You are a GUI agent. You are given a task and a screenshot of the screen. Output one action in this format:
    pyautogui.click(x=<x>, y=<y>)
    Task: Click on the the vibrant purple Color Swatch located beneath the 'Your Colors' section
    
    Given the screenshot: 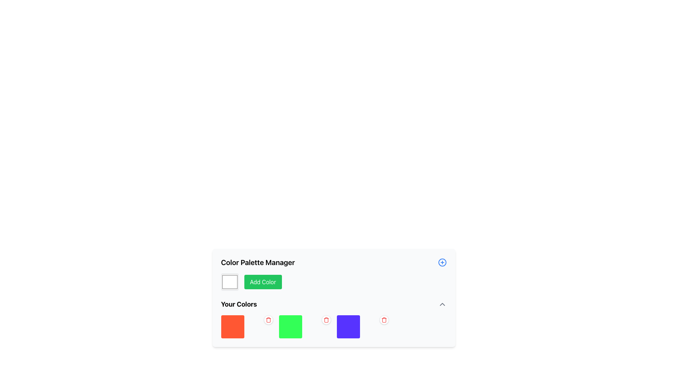 What is the action you would take?
    pyautogui.click(x=348, y=327)
    